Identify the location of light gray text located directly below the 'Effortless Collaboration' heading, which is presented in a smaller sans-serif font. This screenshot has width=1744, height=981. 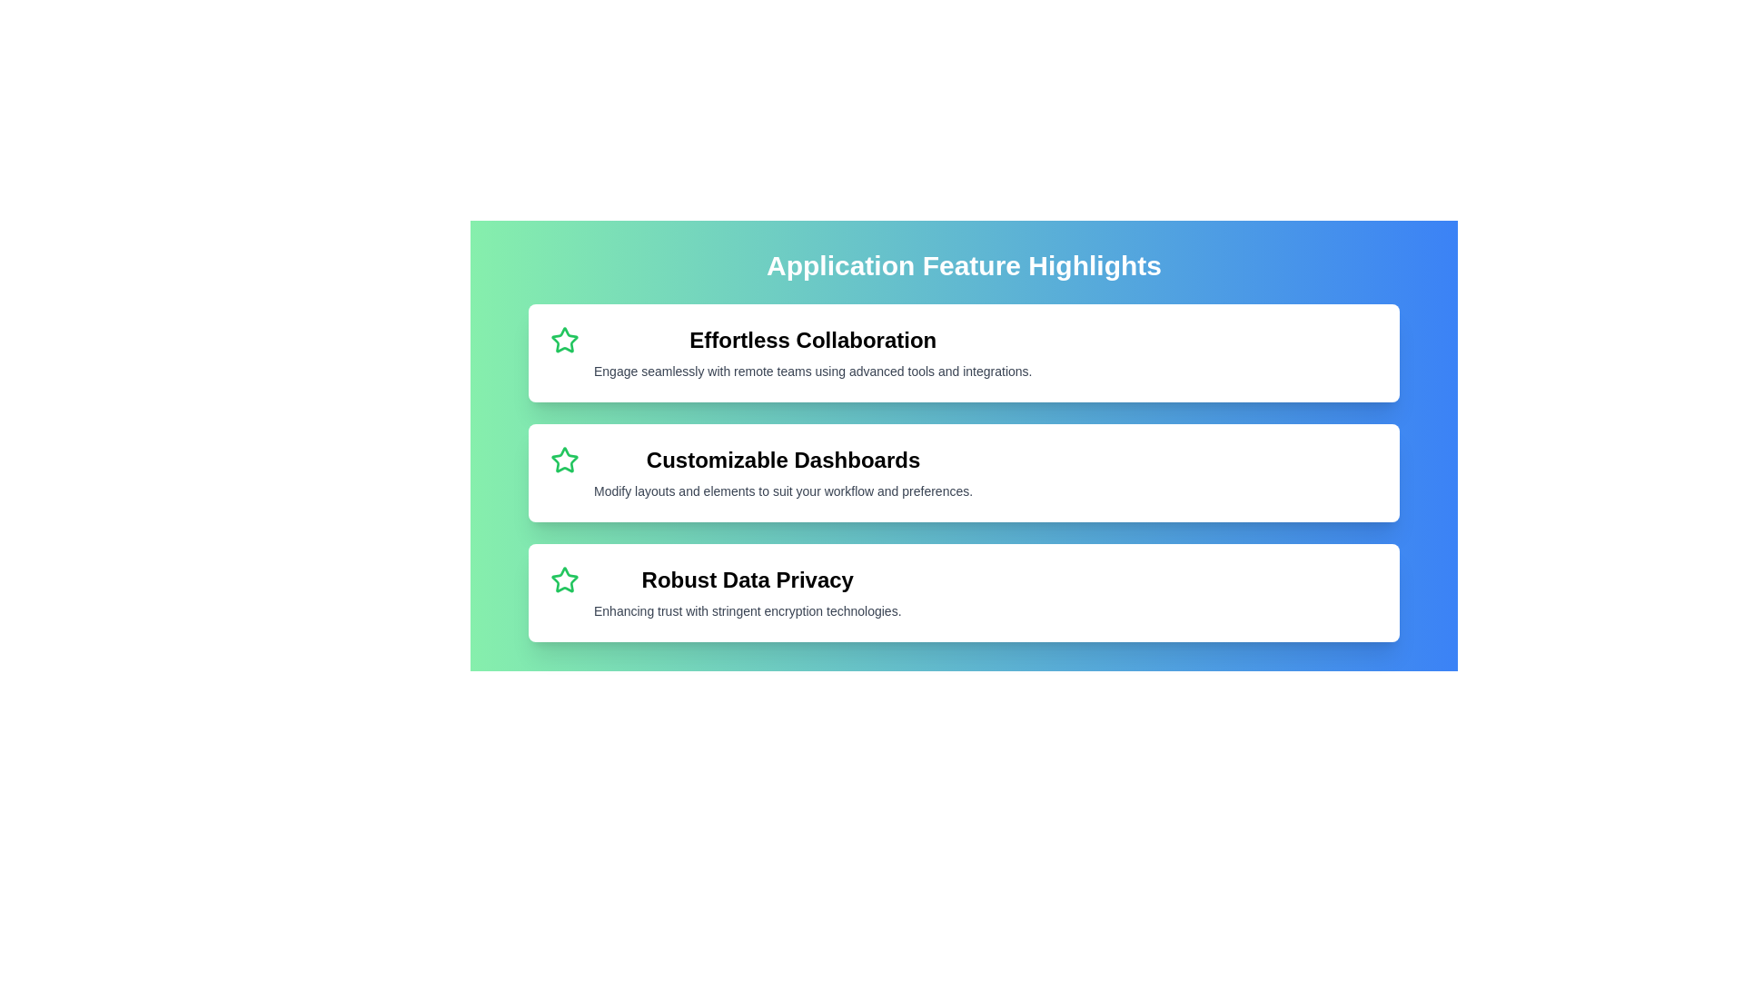
(812, 370).